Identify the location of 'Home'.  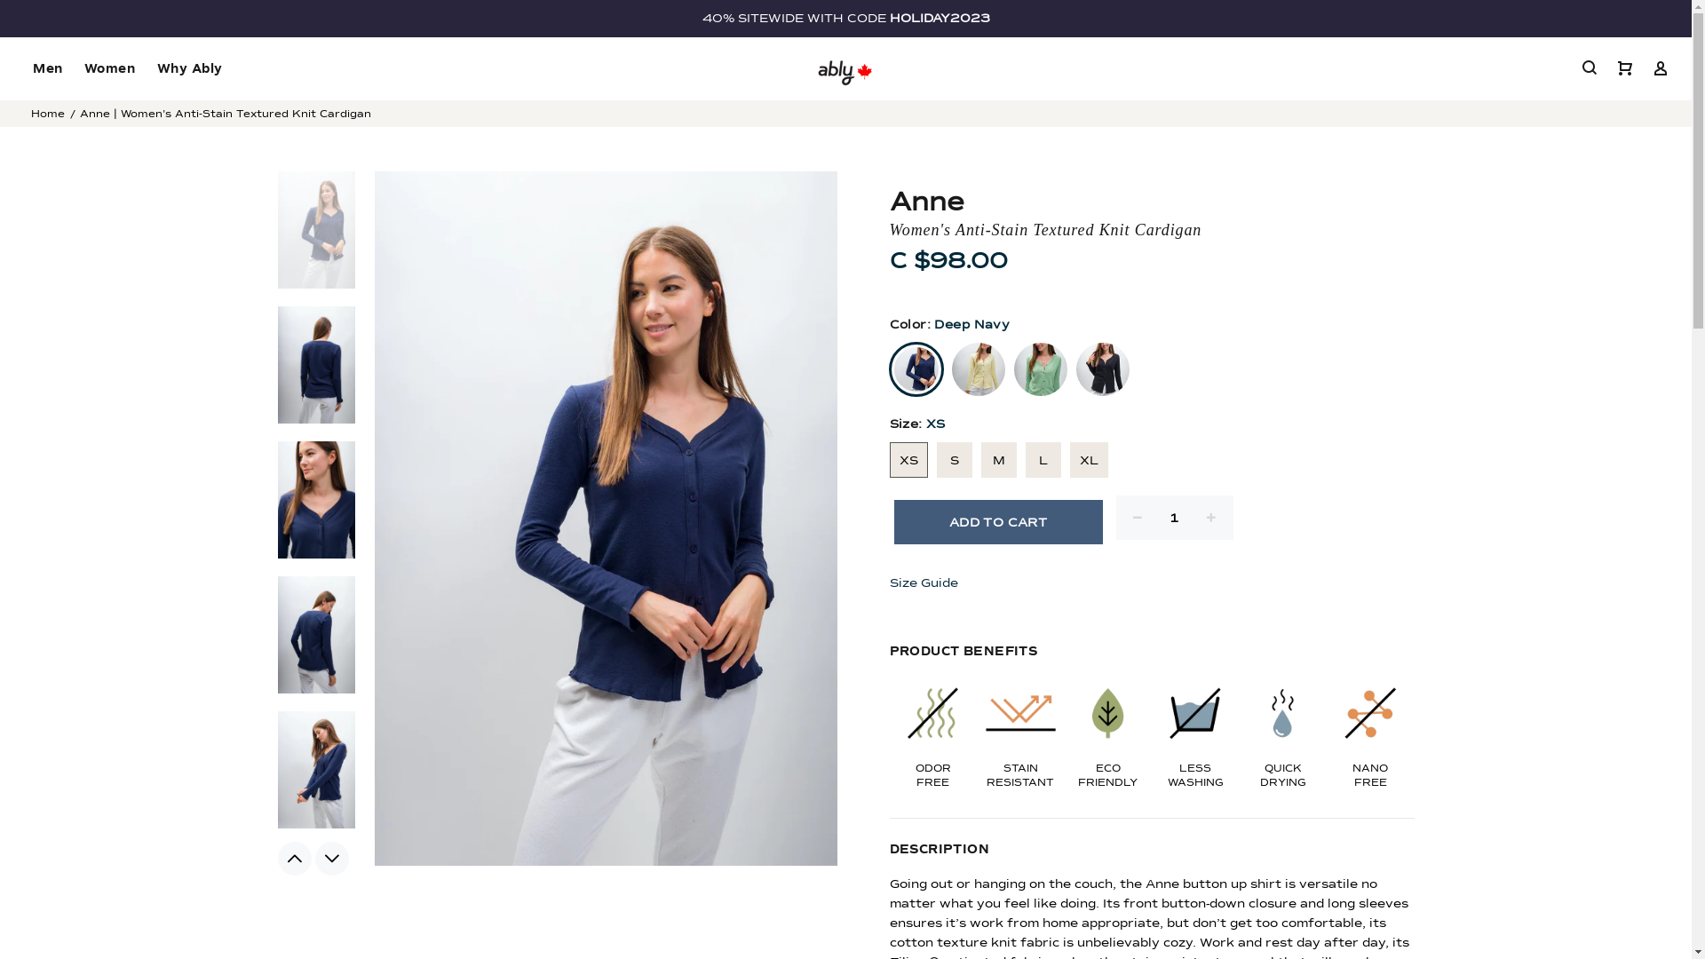
(47, 113).